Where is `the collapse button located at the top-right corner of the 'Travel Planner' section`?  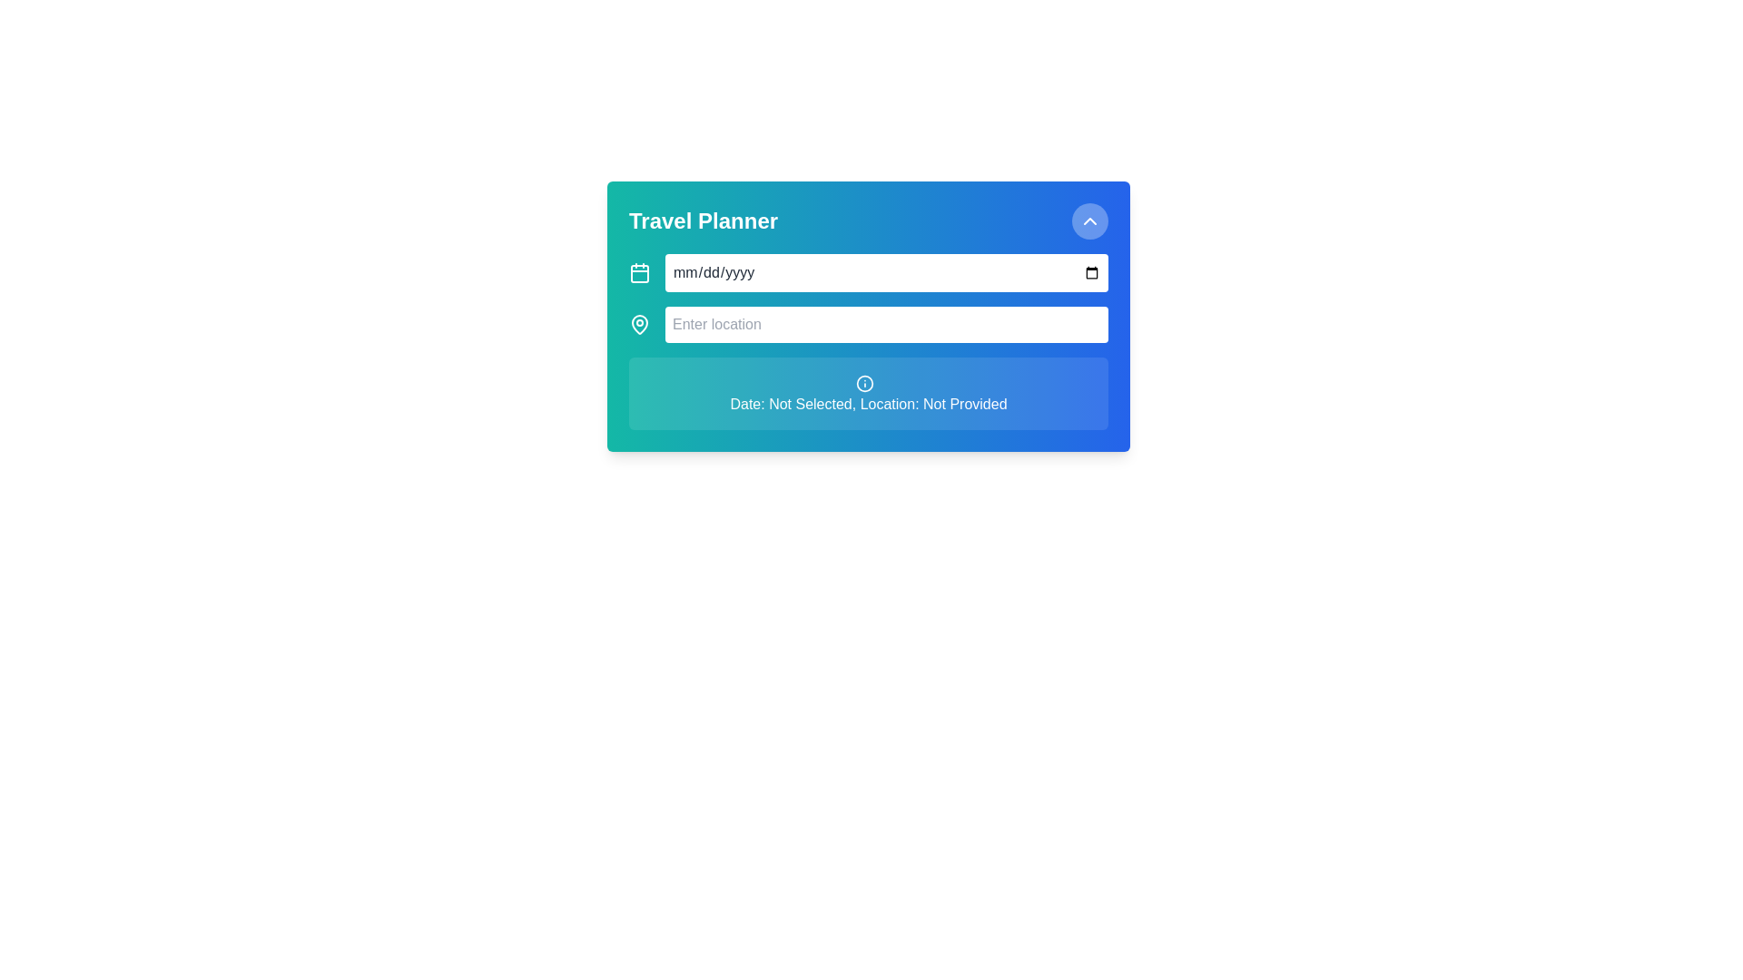 the collapse button located at the top-right corner of the 'Travel Planner' section is located at coordinates (1089, 220).